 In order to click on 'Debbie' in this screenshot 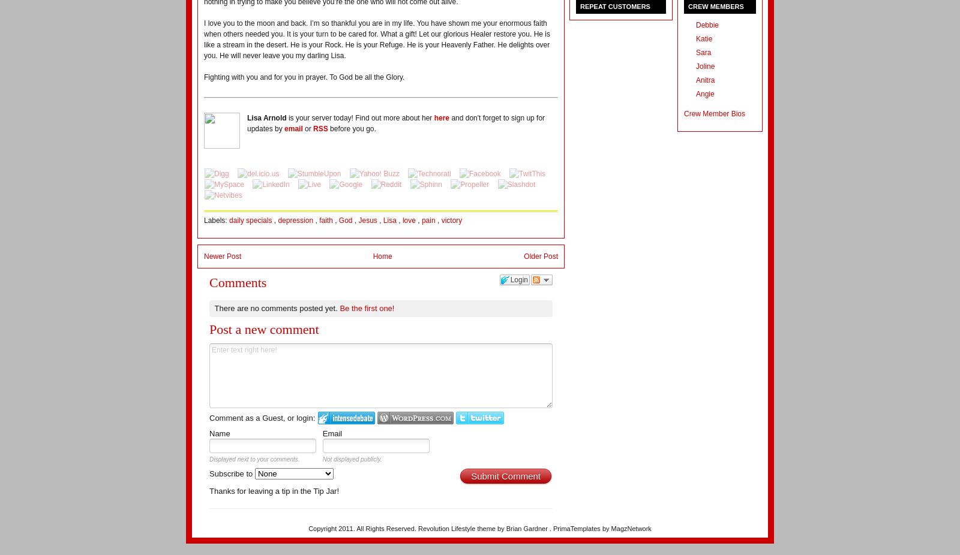, I will do `click(707, 25)`.